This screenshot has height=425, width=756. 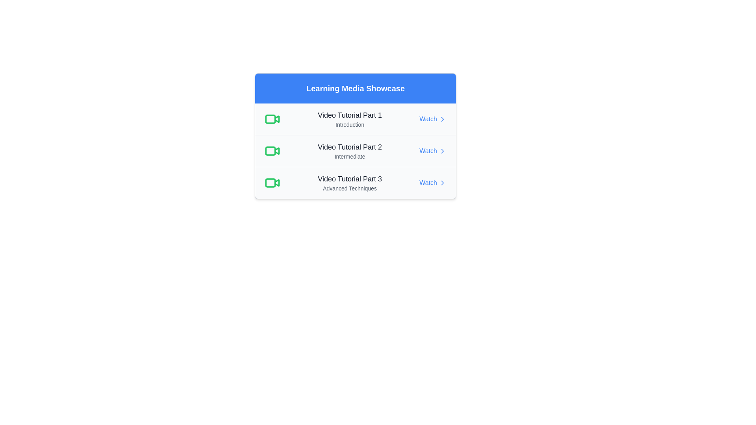 I want to click on the Chevron Right icon located next to the 'Watch' text in the third video item of 'Video Tutorial Part 3: Advanced Techniques', so click(x=442, y=183).